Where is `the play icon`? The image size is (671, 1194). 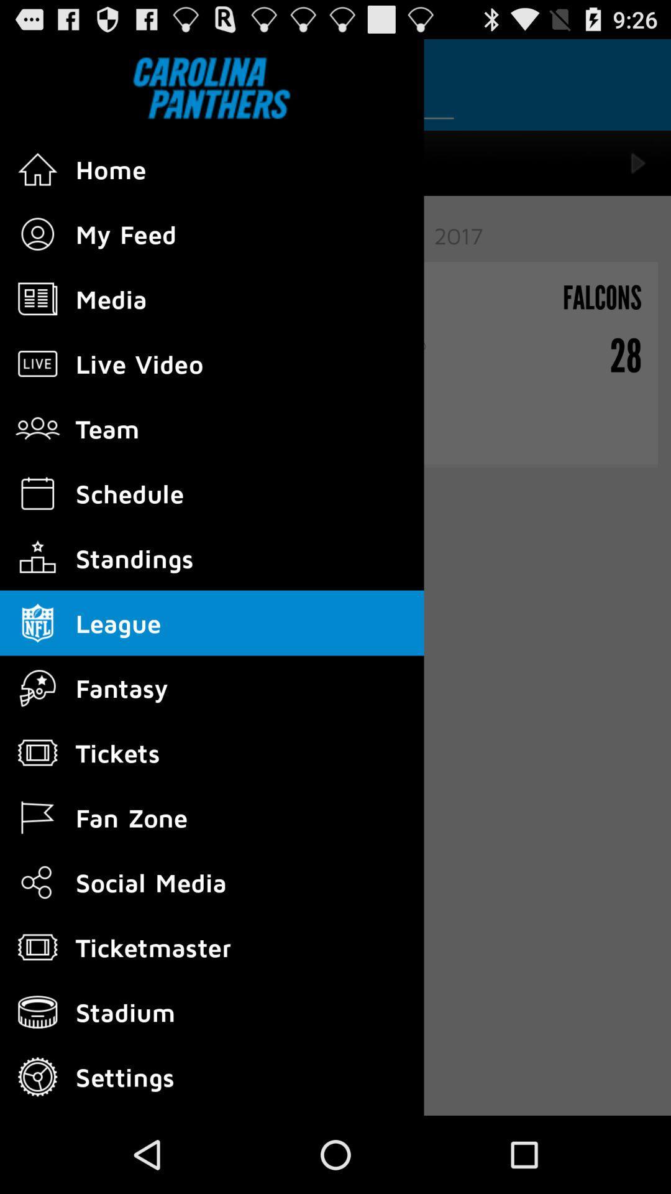 the play icon is located at coordinates (638, 174).